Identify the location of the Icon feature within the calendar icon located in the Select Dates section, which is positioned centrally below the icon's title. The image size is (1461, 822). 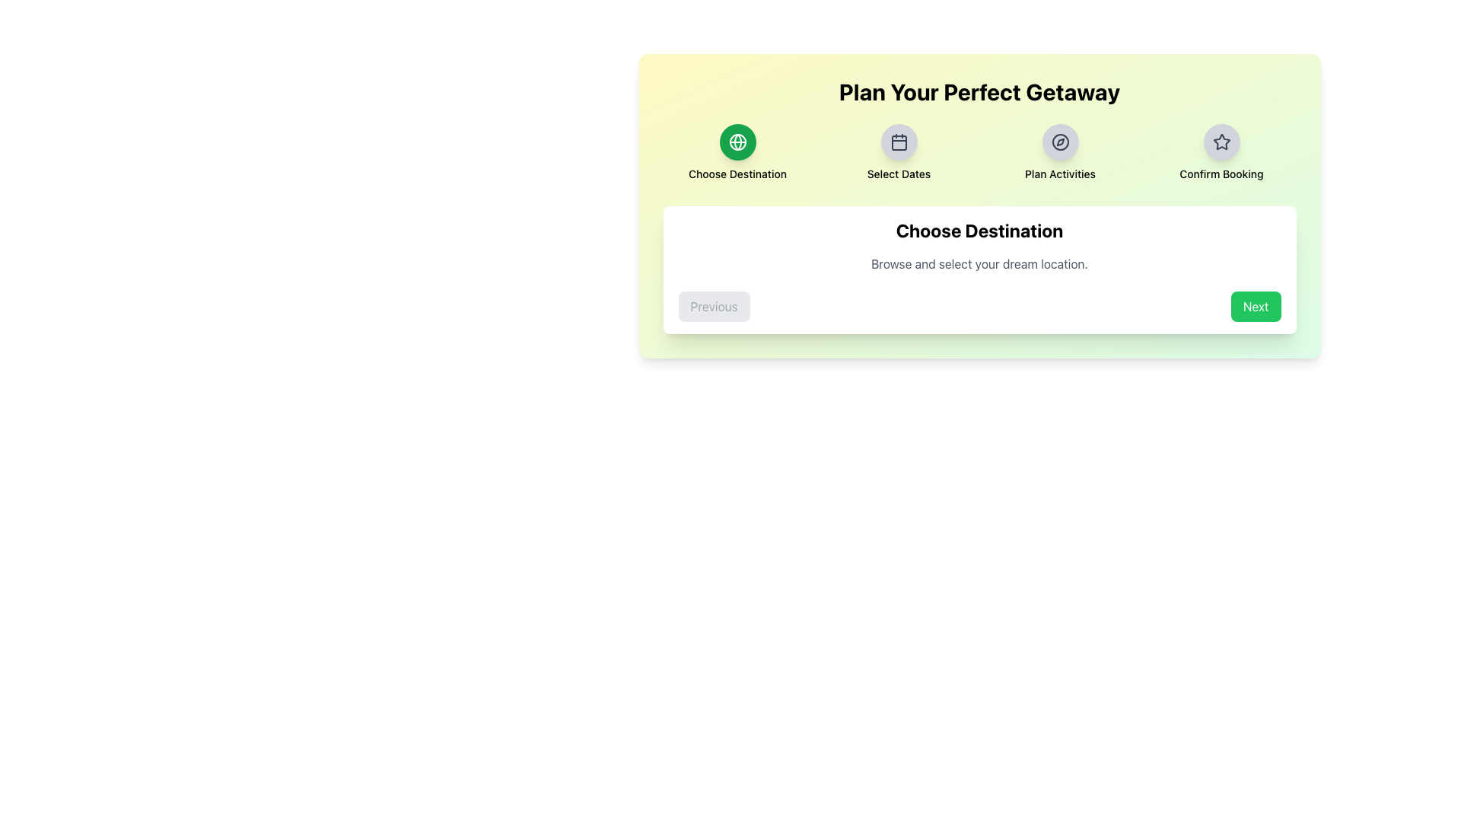
(899, 143).